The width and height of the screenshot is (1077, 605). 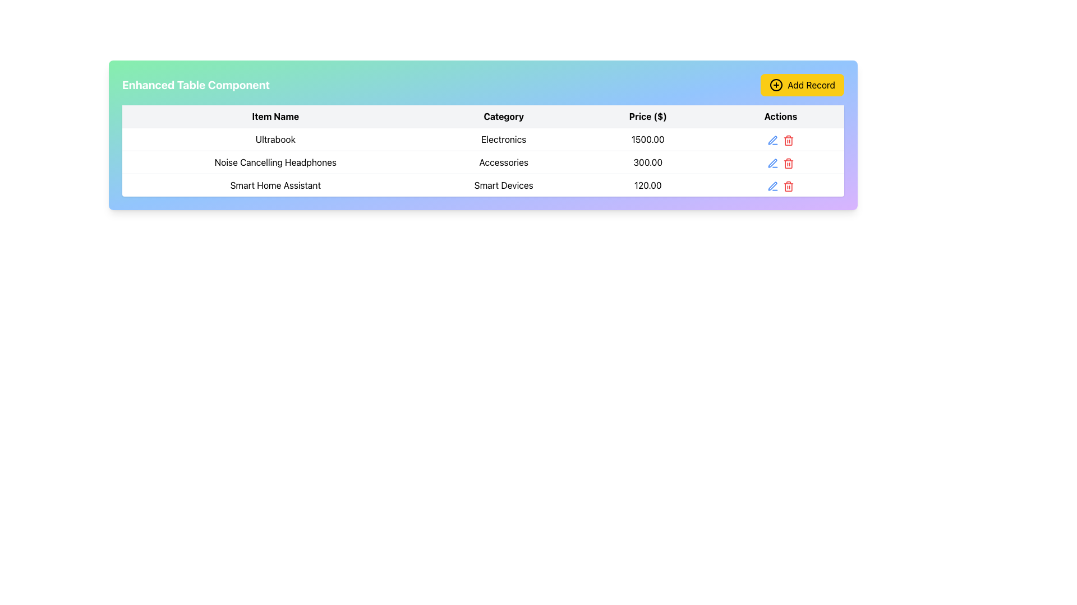 I want to click on the text element displaying '120.00' in the 'Price ($)' column of the third row in the table, which corresponds to the 'Smart Home Assistant' item, so click(x=648, y=184).